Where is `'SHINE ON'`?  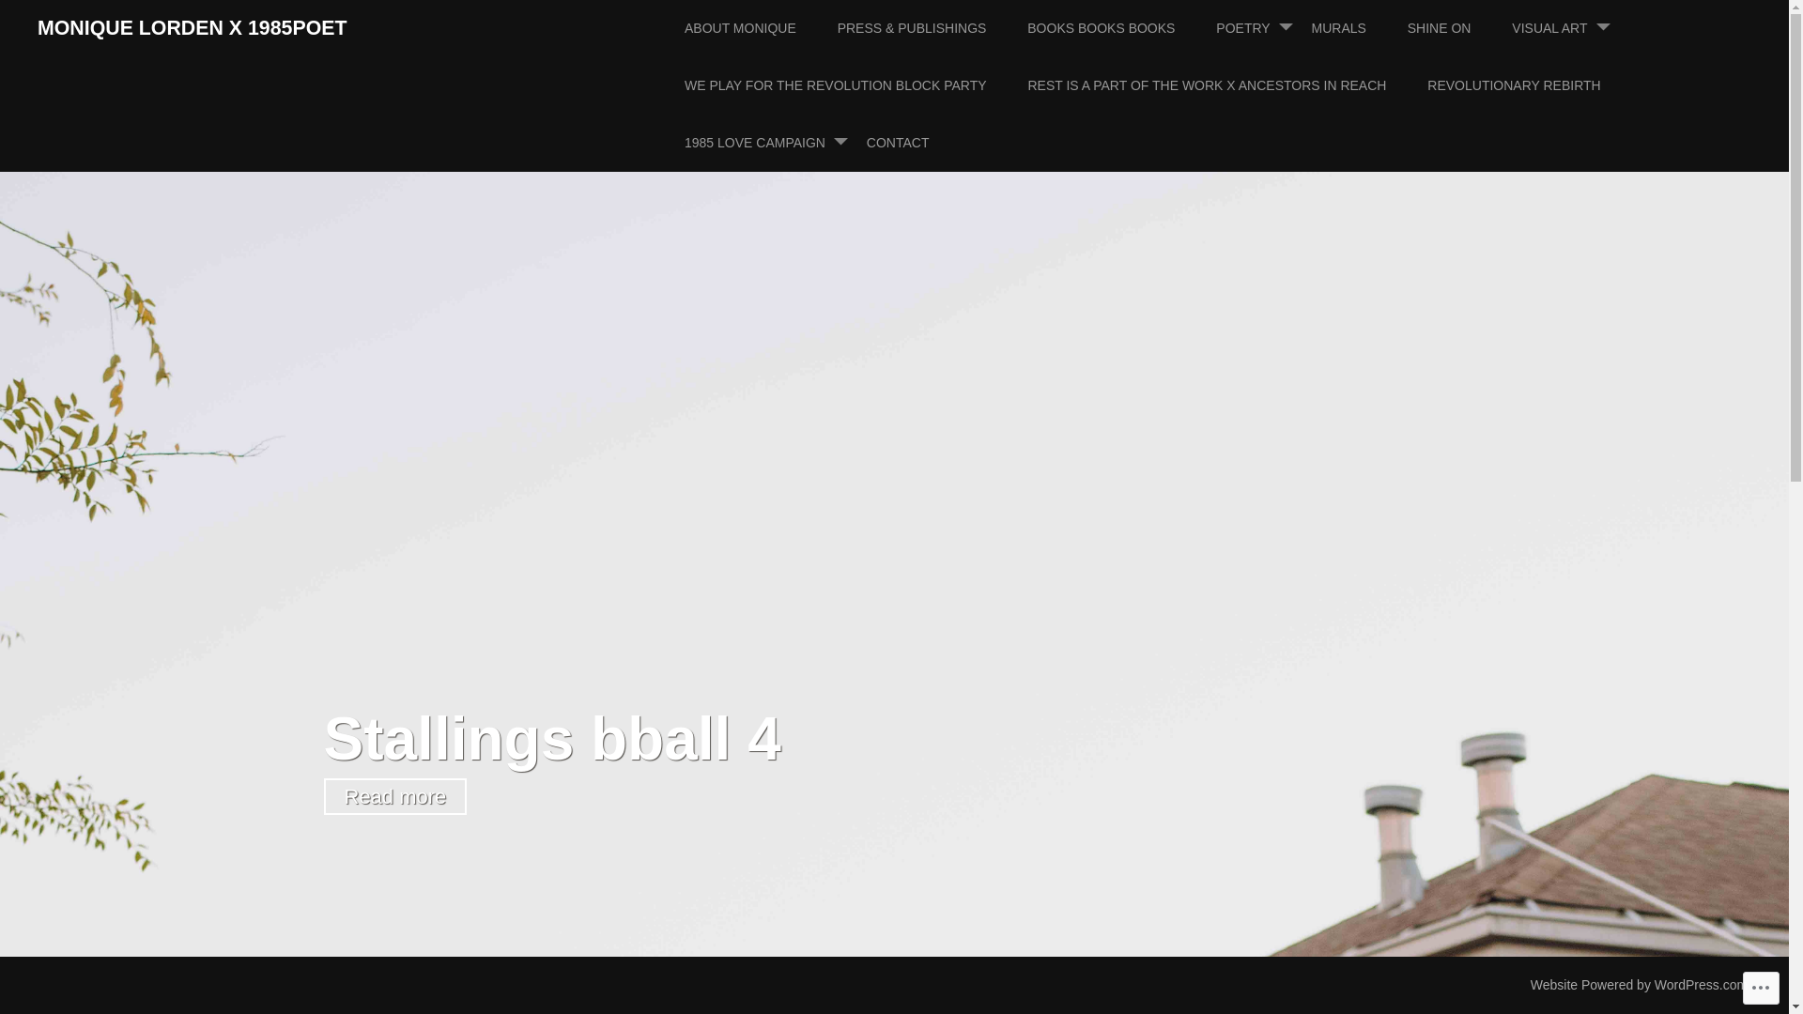
'SHINE ON' is located at coordinates (1457, 28).